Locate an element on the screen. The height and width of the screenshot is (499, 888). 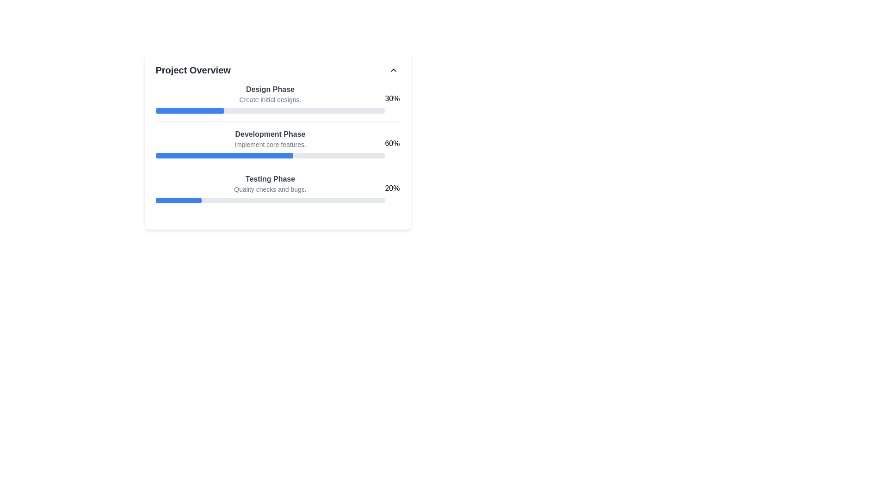
the progress indicator bar representing 30% completion of the 'Design Phase' in the project overview chart is located at coordinates (189, 110).